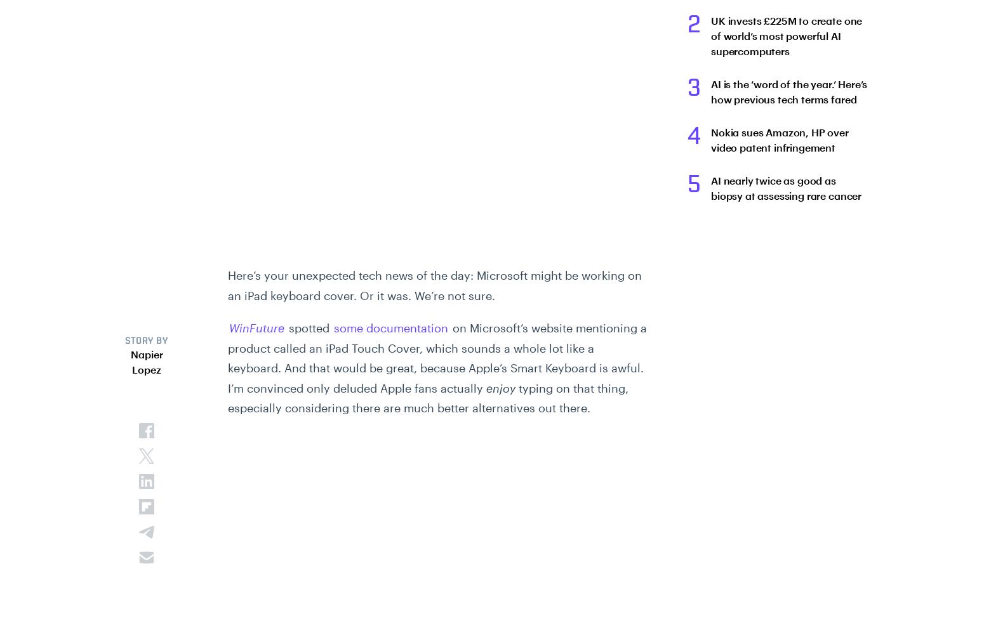 This screenshot has width=984, height=621. Describe the element at coordinates (788, 91) in the screenshot. I see `'AI is the ‘word of the year.’ Here’s how previous tech terms fared'` at that location.